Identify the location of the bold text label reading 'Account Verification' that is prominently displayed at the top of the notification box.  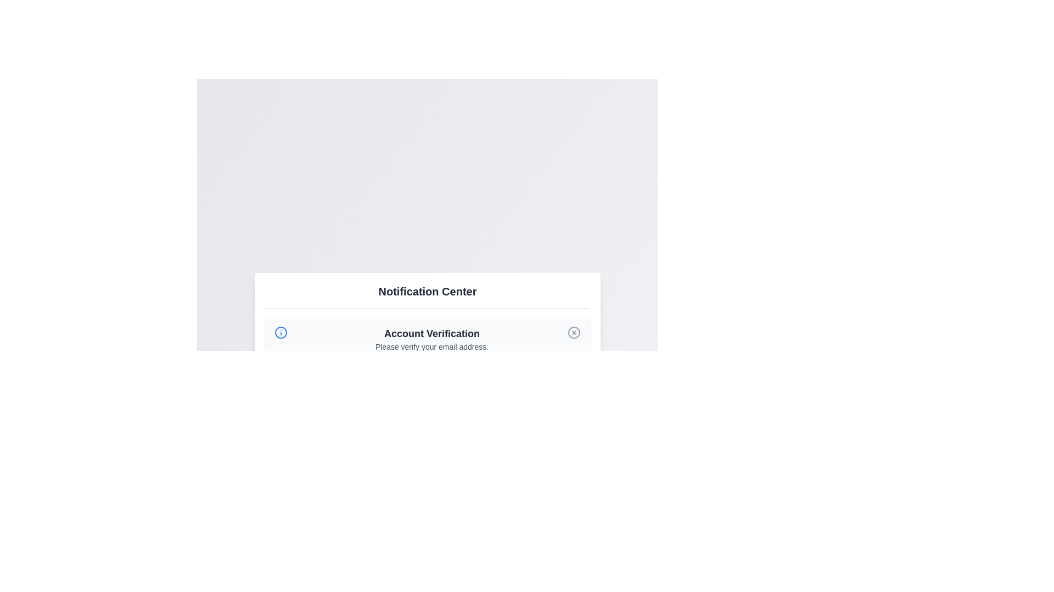
(431, 333).